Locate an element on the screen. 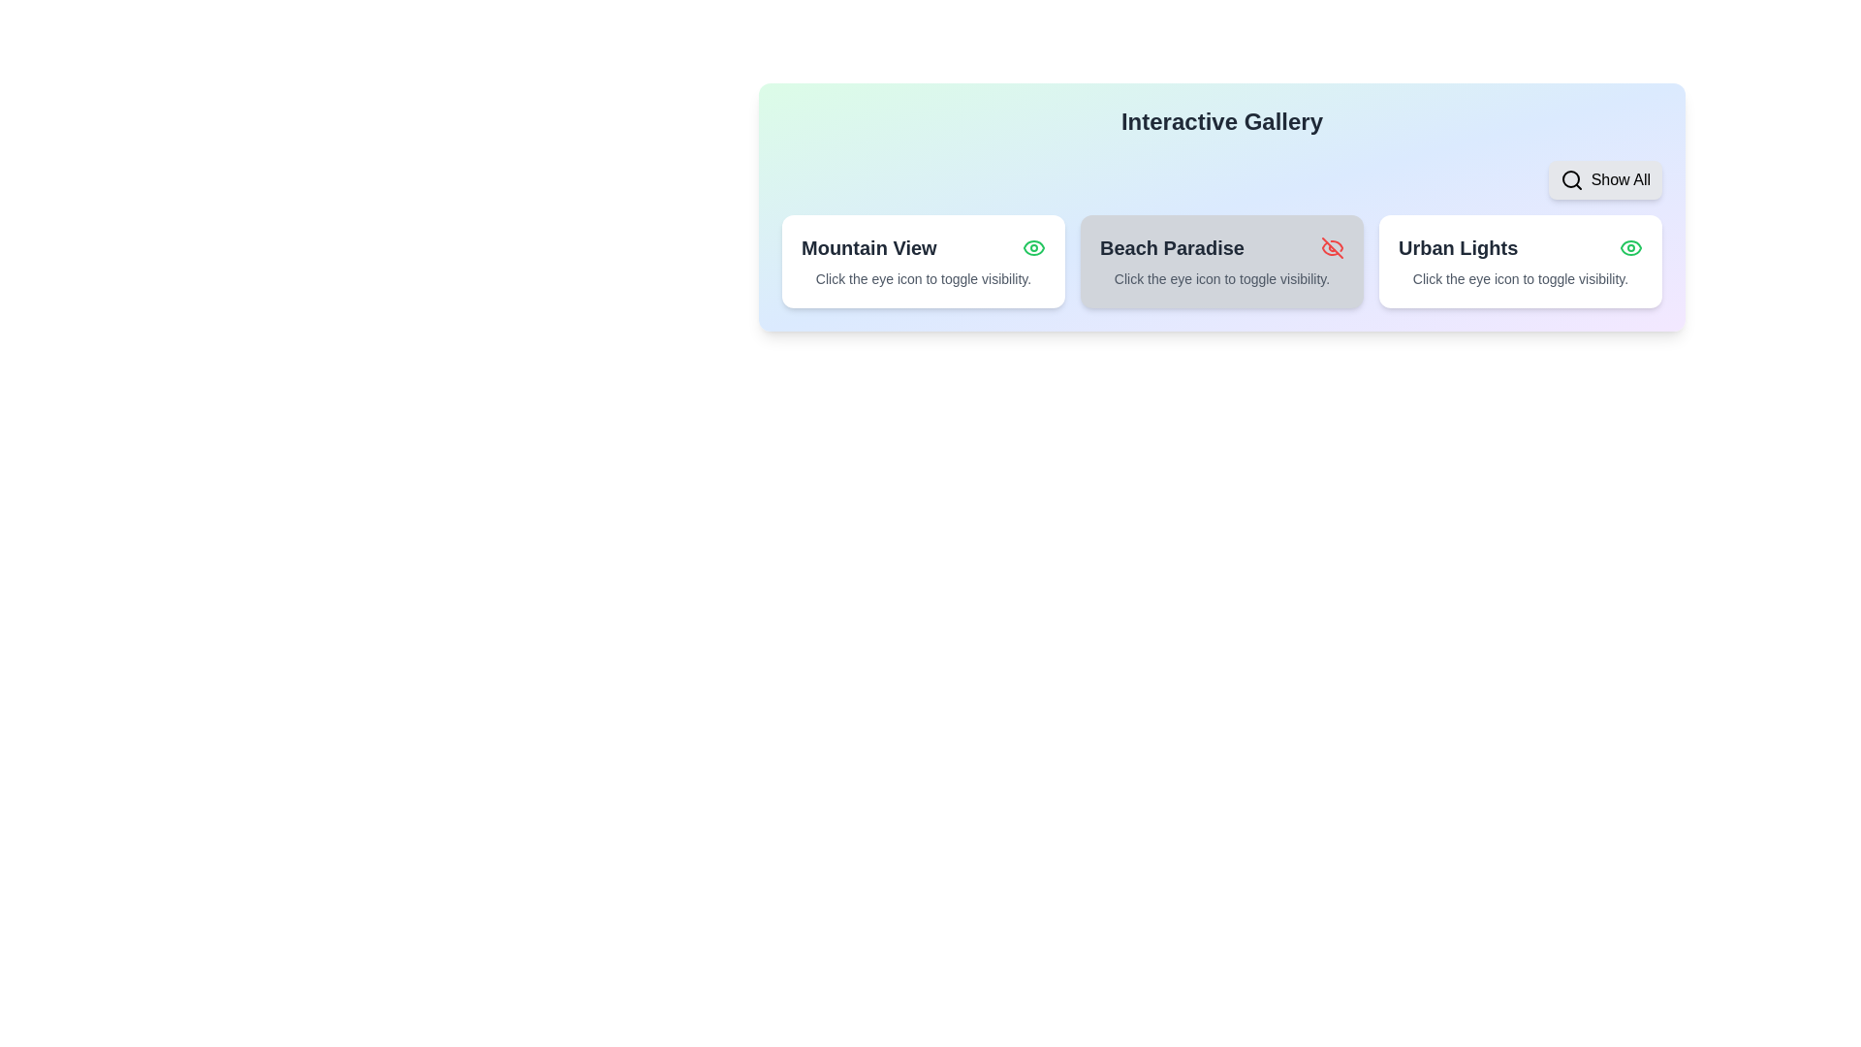  the item card titled 'Urban Lights' is located at coordinates (1520, 262).